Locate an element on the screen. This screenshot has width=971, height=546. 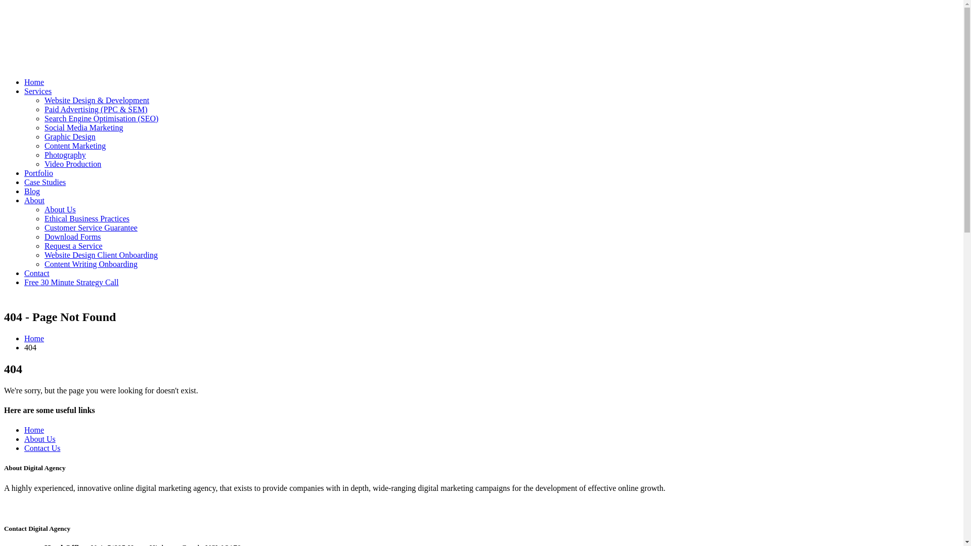
'Case Studies' is located at coordinates (45, 182).